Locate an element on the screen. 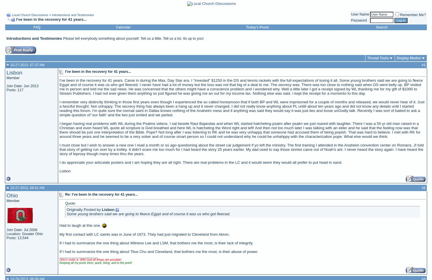 The height and width of the screenshot is (280, 432). '>' is located at coordinates (50, 15).